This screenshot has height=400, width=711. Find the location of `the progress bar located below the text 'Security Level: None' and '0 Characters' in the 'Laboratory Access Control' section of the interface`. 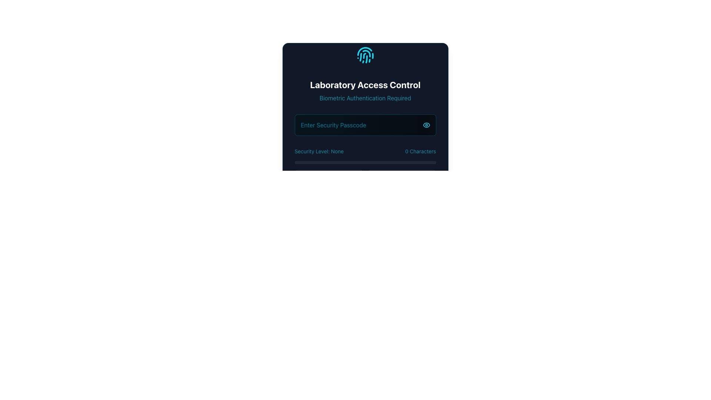

the progress bar located below the text 'Security Level: None' and '0 Characters' in the 'Laboratory Access Control' section of the interface is located at coordinates (365, 162).